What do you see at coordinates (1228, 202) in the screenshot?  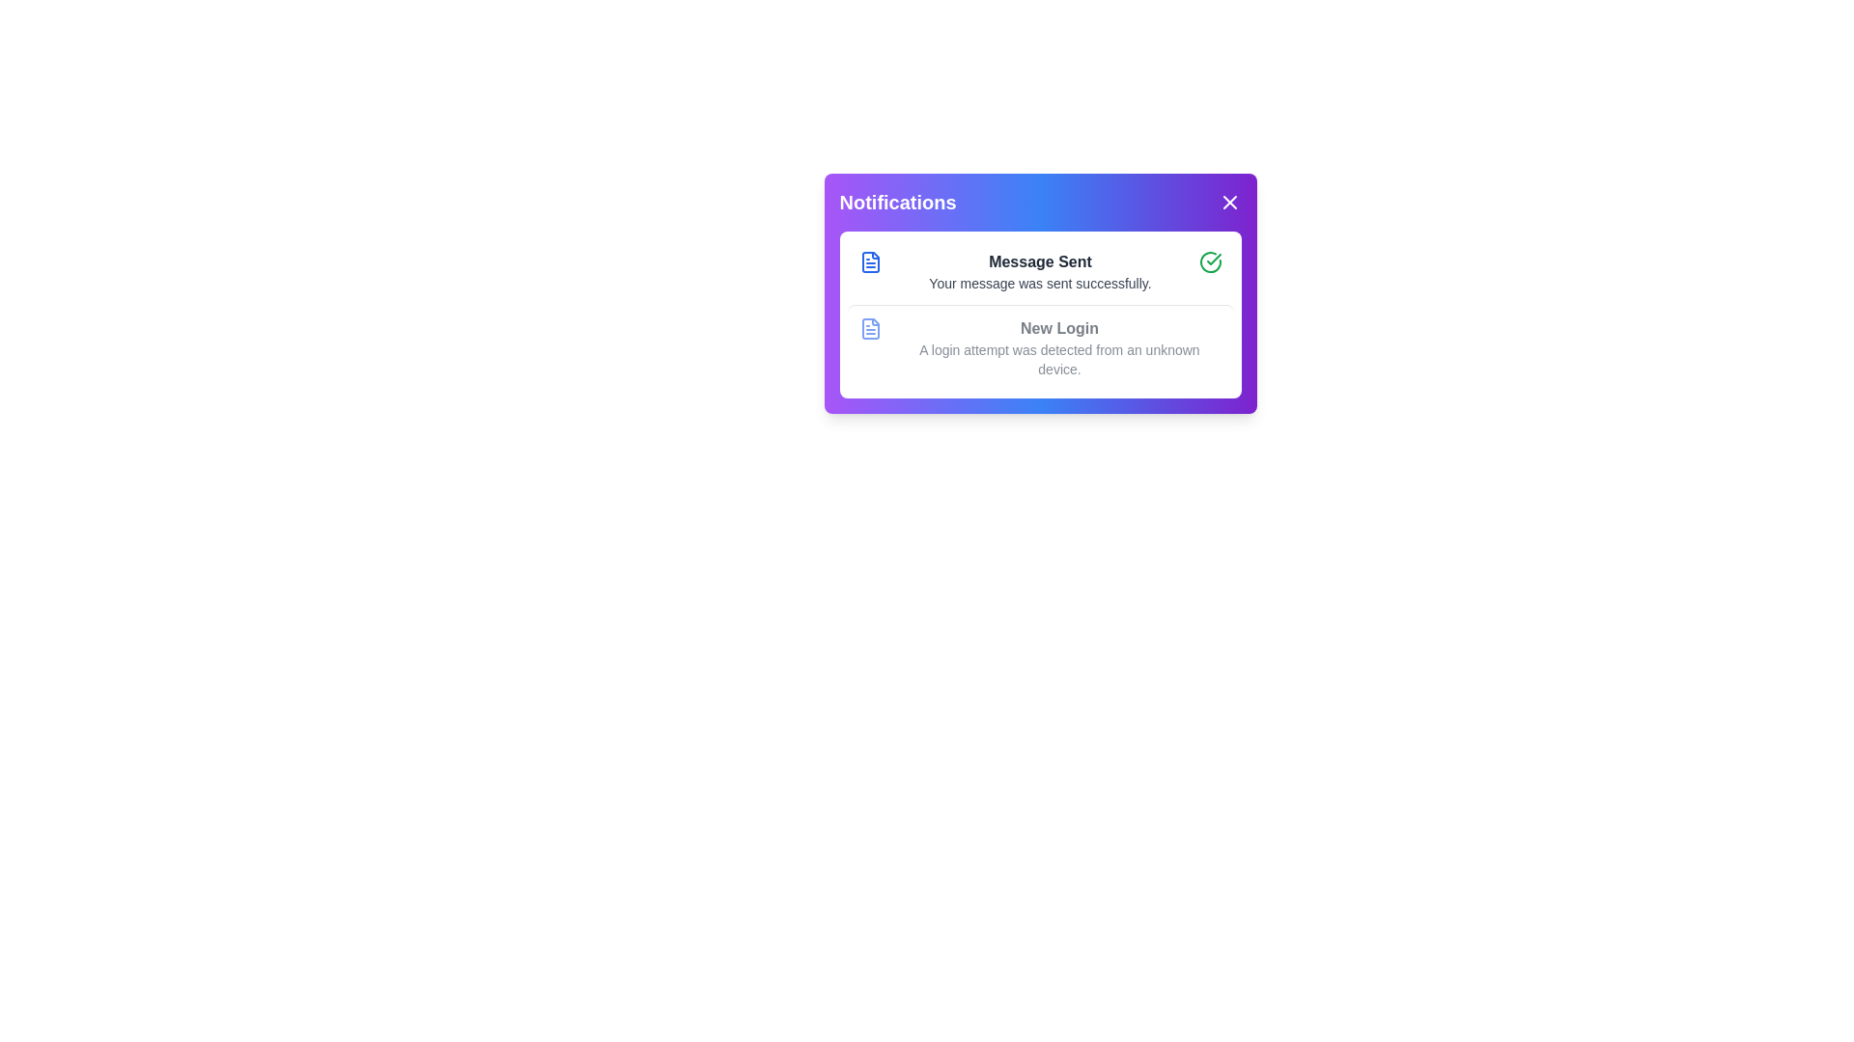 I see `the close button located in the top-right corner of the notification overlay panel` at bounding box center [1228, 202].